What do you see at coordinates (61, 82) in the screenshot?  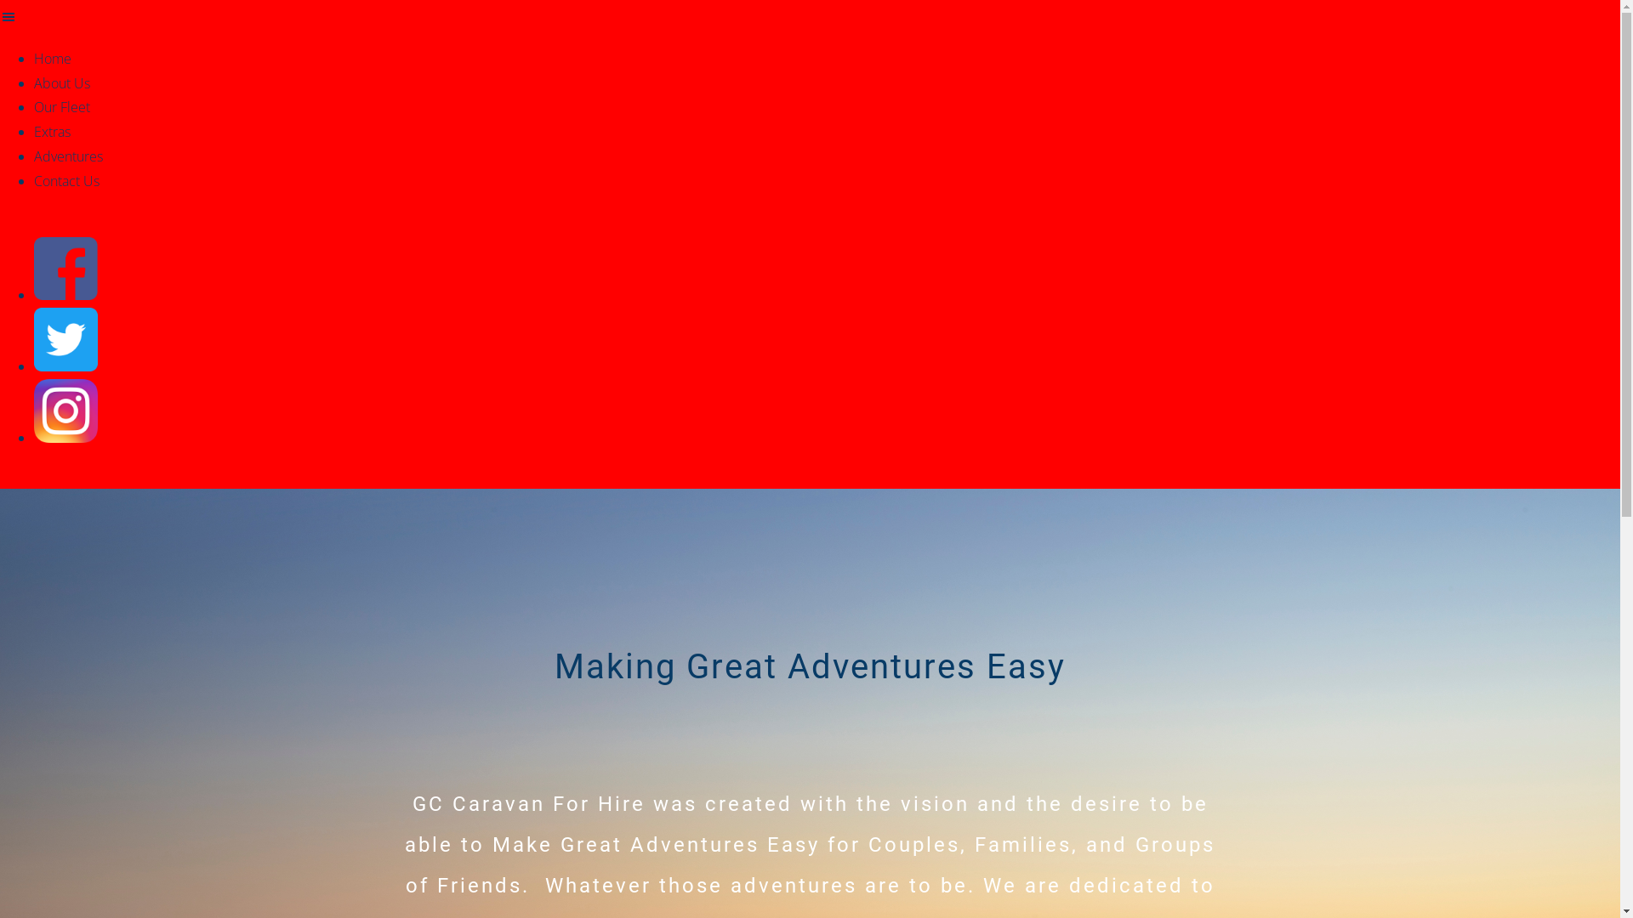 I see `'About Us'` at bounding box center [61, 82].